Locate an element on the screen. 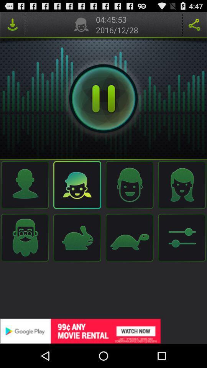 The width and height of the screenshot is (207, 368). download selected sound is located at coordinates (12, 25).